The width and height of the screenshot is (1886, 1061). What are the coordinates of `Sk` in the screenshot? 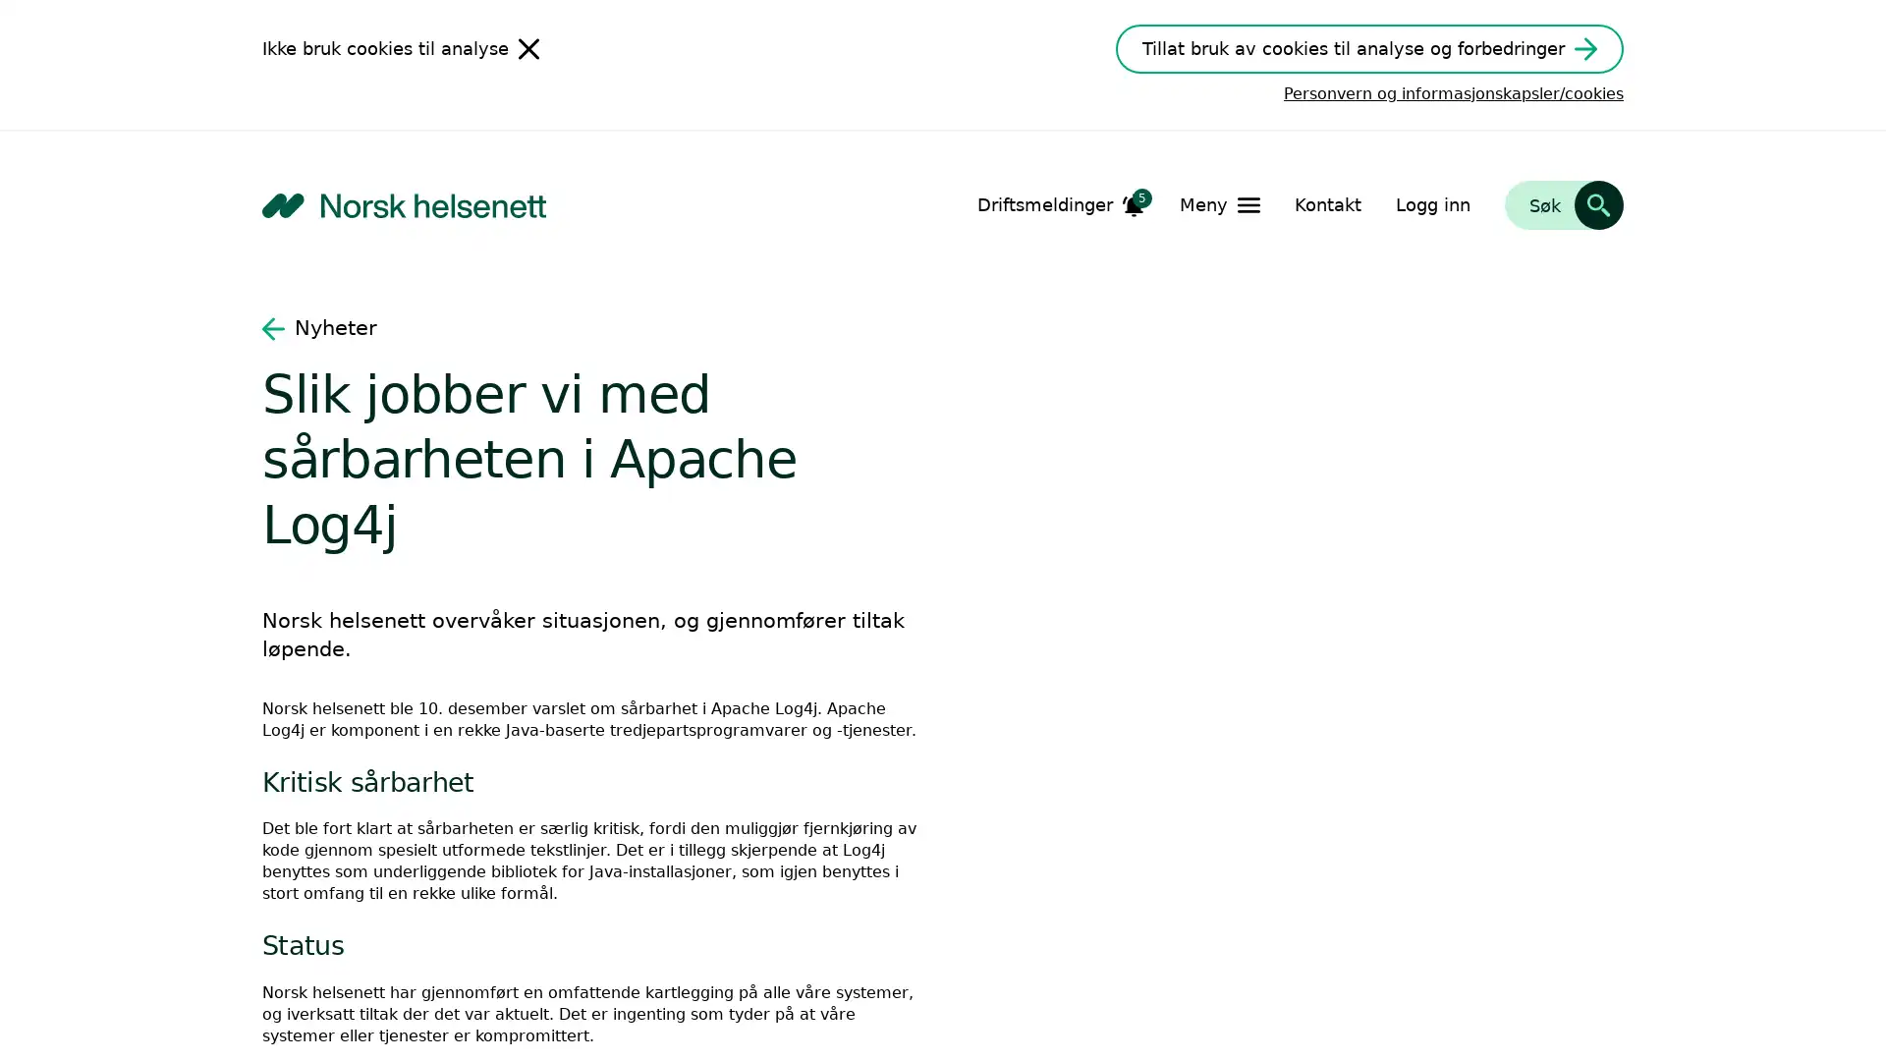 It's located at (1598, 204).